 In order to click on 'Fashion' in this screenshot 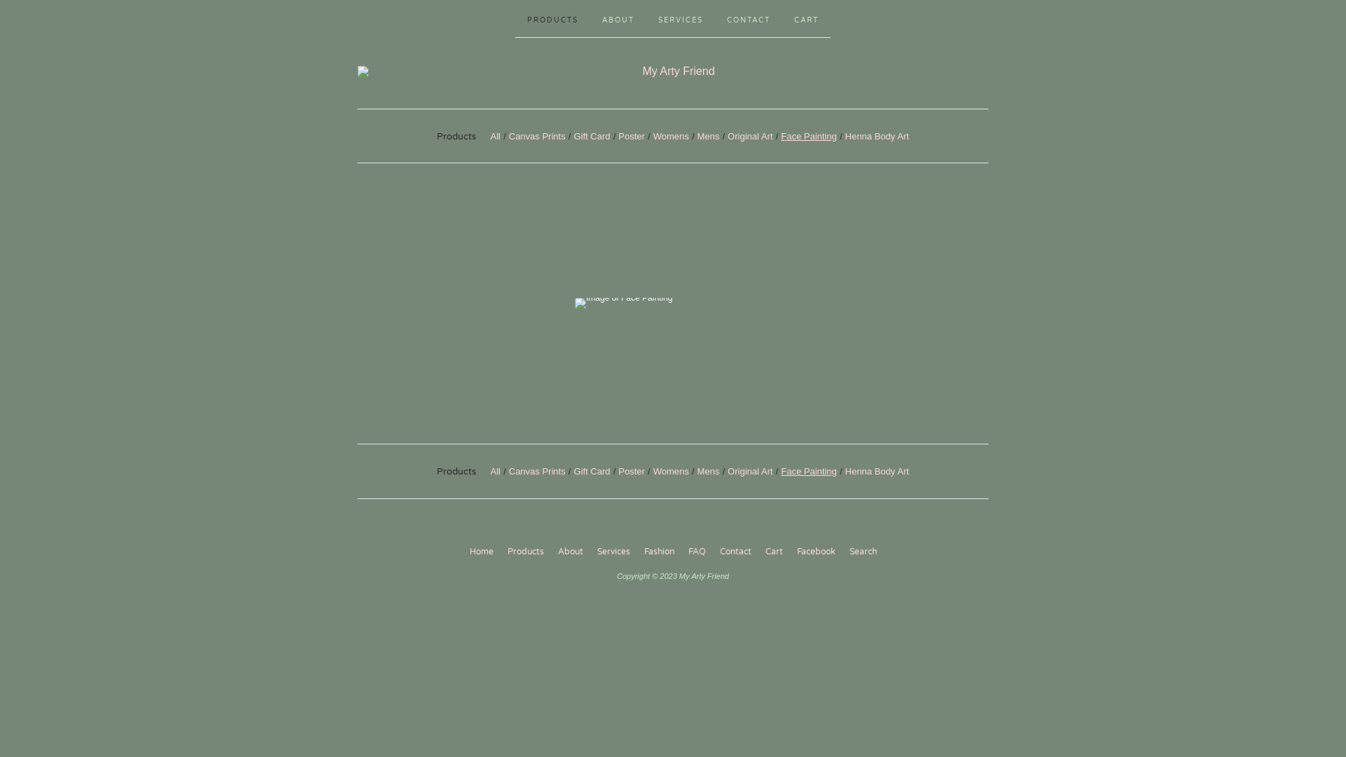, I will do `click(637, 551)`.